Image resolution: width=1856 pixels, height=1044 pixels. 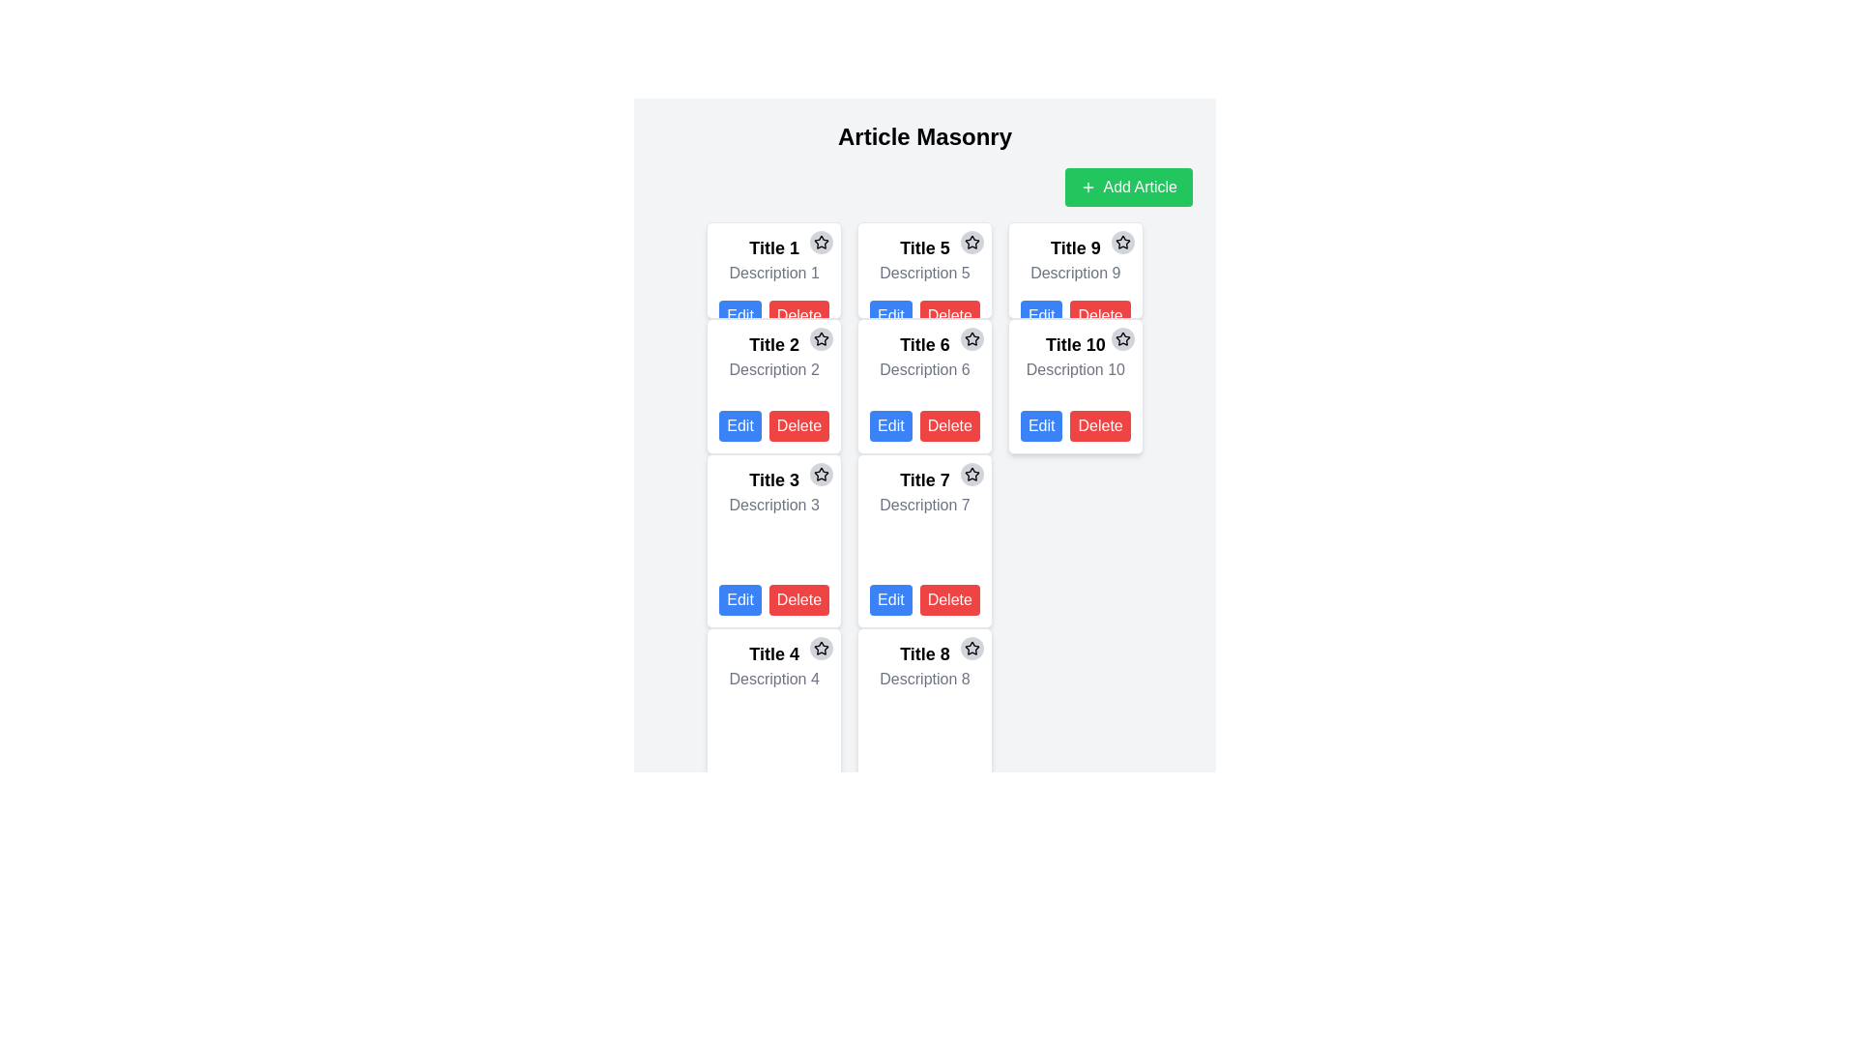 I want to click on the 'Edit' button, which is a rounded rectangular button with a solid blue background and white text, located at the bottom of the 'Title 2' card, so click(x=739, y=424).